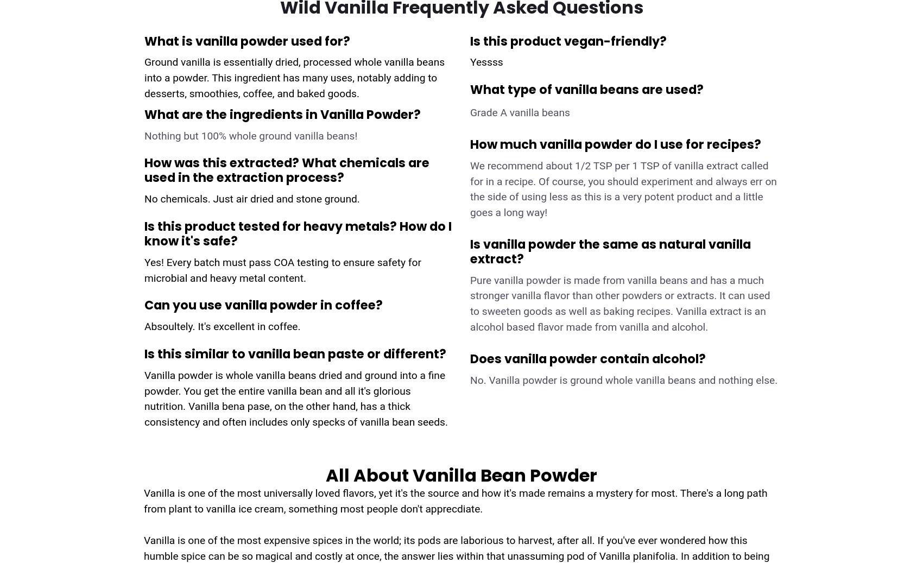  What do you see at coordinates (470, 358) in the screenshot?
I see `'Does vanilla powder contain alcohol?'` at bounding box center [470, 358].